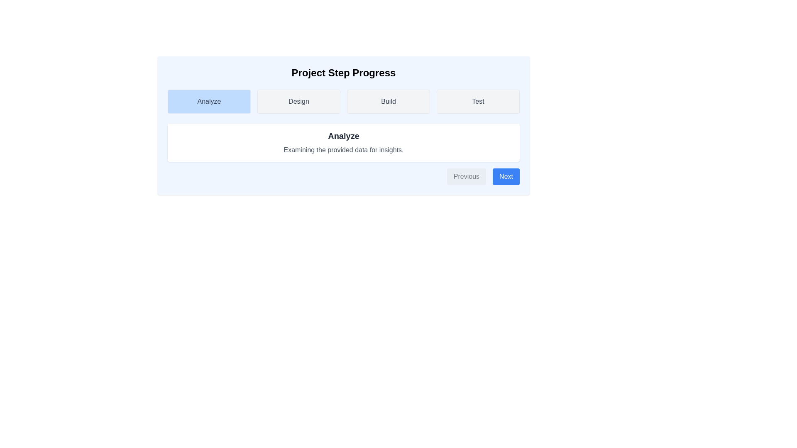  Describe the element at coordinates (299, 101) in the screenshot. I see `the 'Design' button, which is the second button in a horizontal grid of four buttons labeled 'Analyze', 'Design', 'Build', and 'Test'` at that location.